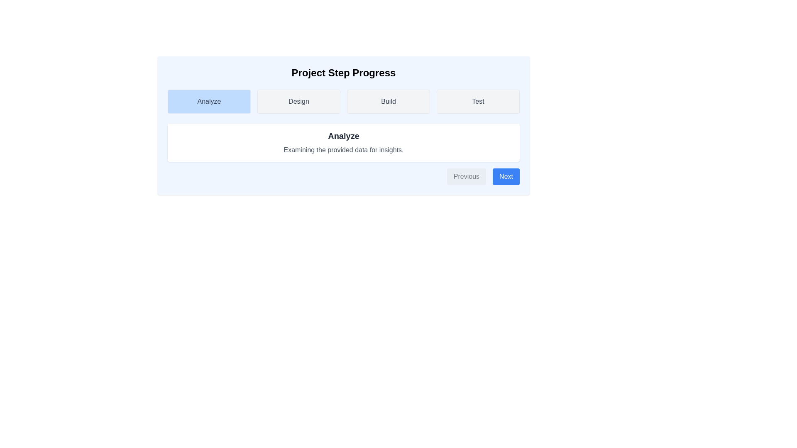  Describe the element at coordinates (299, 101) in the screenshot. I see `the 'Design' button, which is the second button in a horizontal grid of four buttons labeled 'Analyze', 'Design', 'Build', and 'Test'` at that location.